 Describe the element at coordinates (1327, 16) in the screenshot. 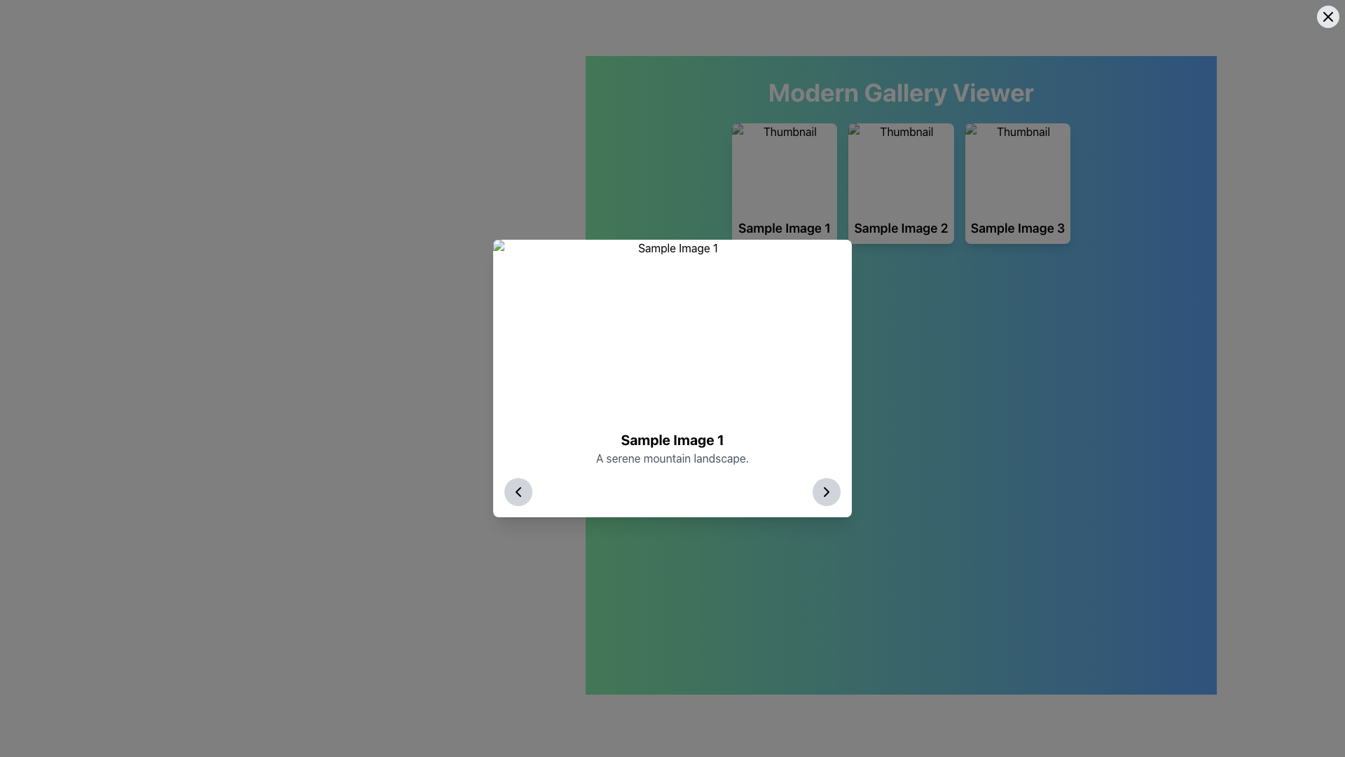

I see `the Close Button (X-shaped icon) located in the top-right corner of the modal` at that location.